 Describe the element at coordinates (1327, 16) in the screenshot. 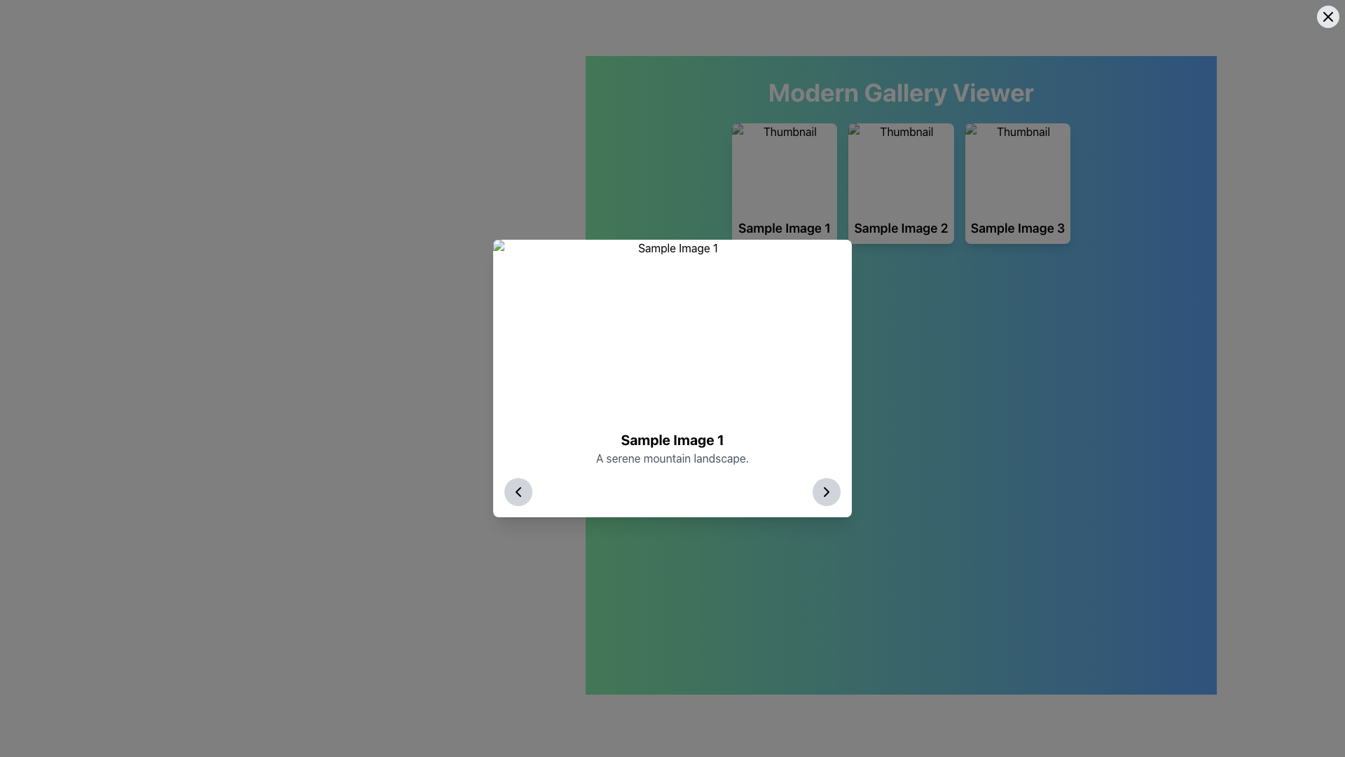

I see `the Close Button (X-shaped icon) located in the top-right corner of the modal` at that location.